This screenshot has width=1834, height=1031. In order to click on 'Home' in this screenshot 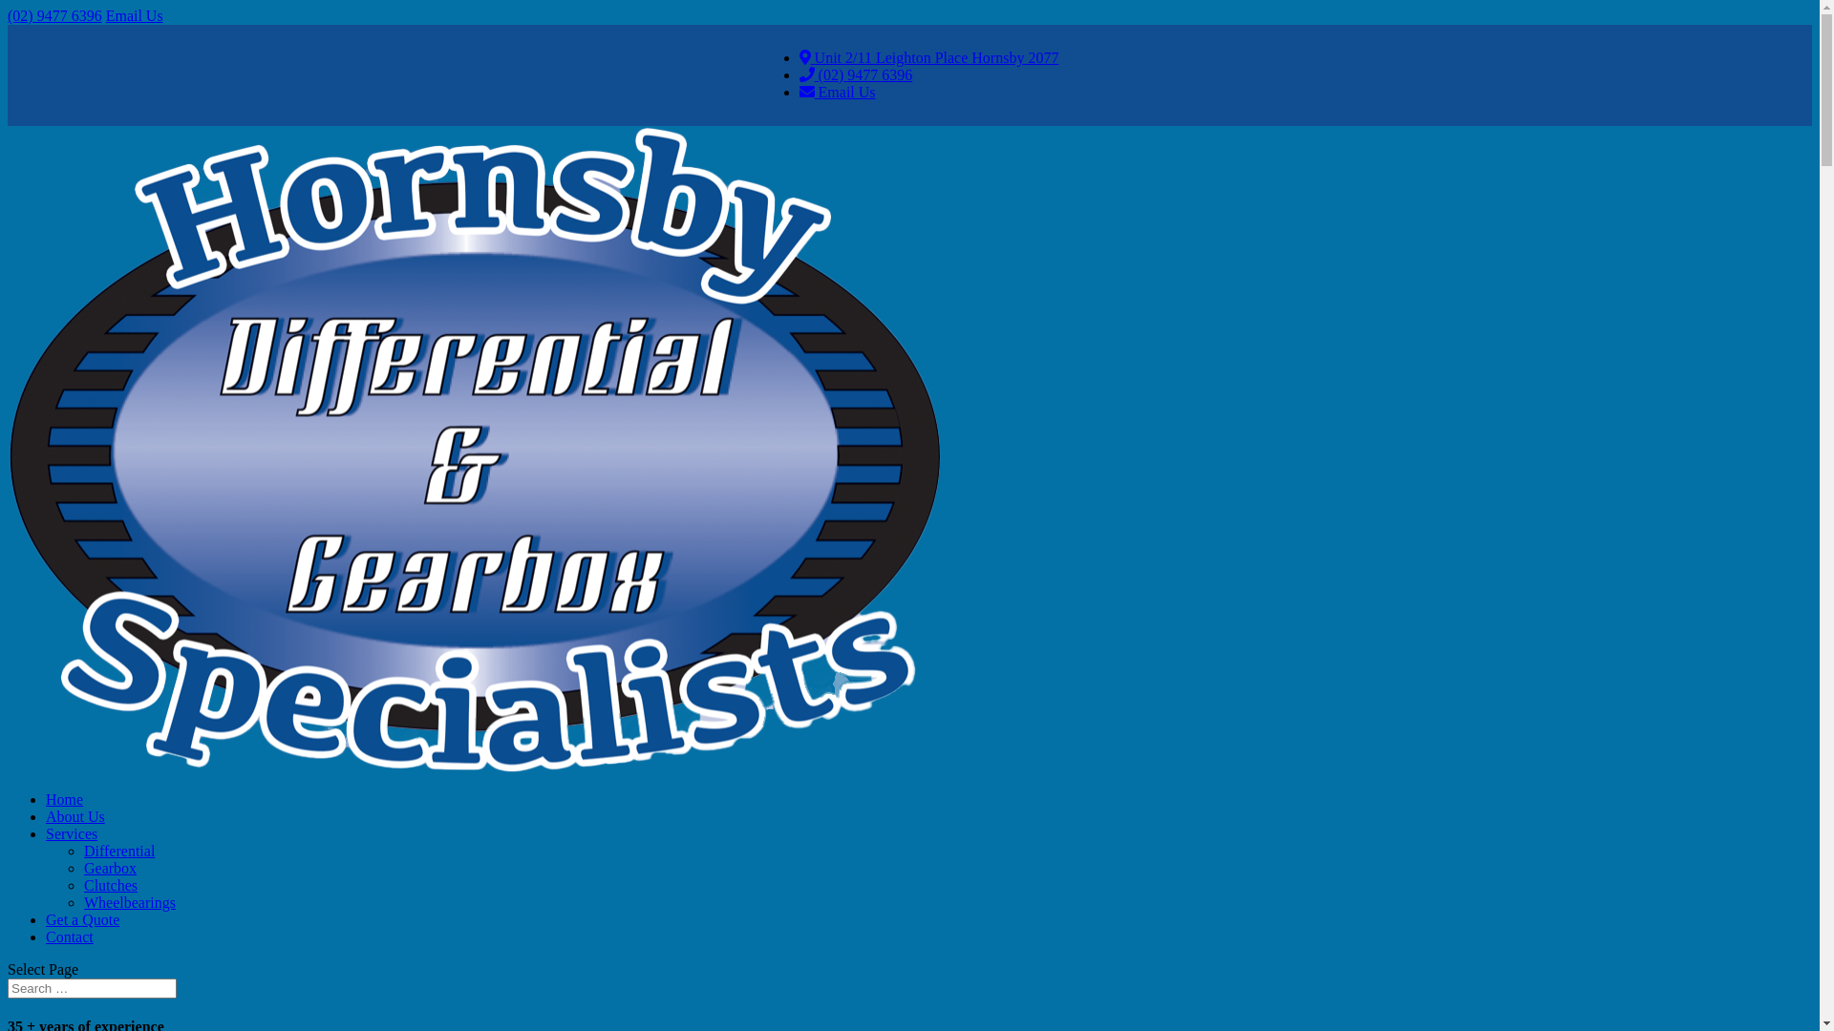, I will do `click(64, 799)`.